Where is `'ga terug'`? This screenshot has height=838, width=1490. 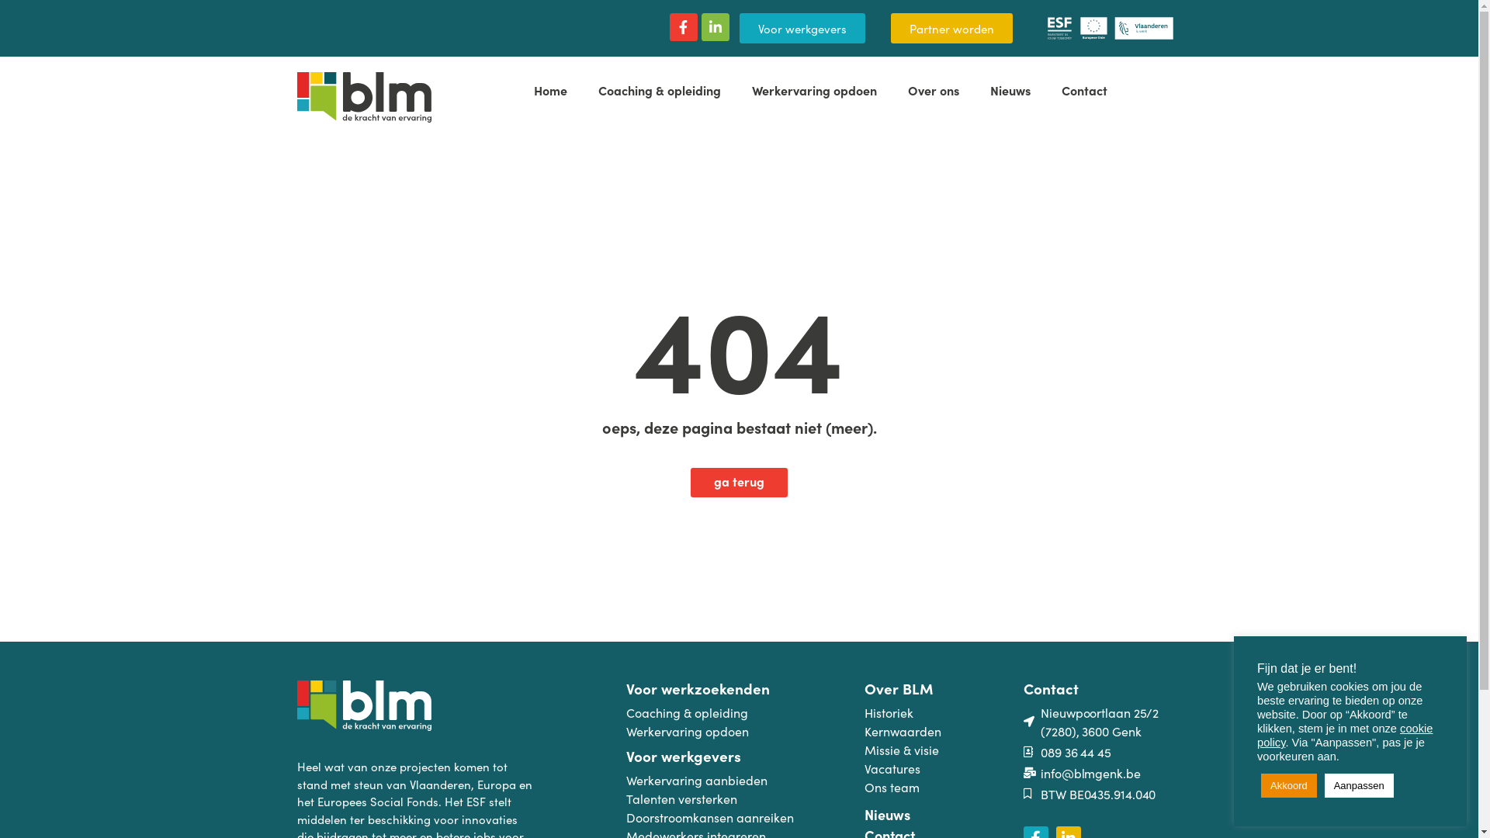 'ga terug' is located at coordinates (738, 481).